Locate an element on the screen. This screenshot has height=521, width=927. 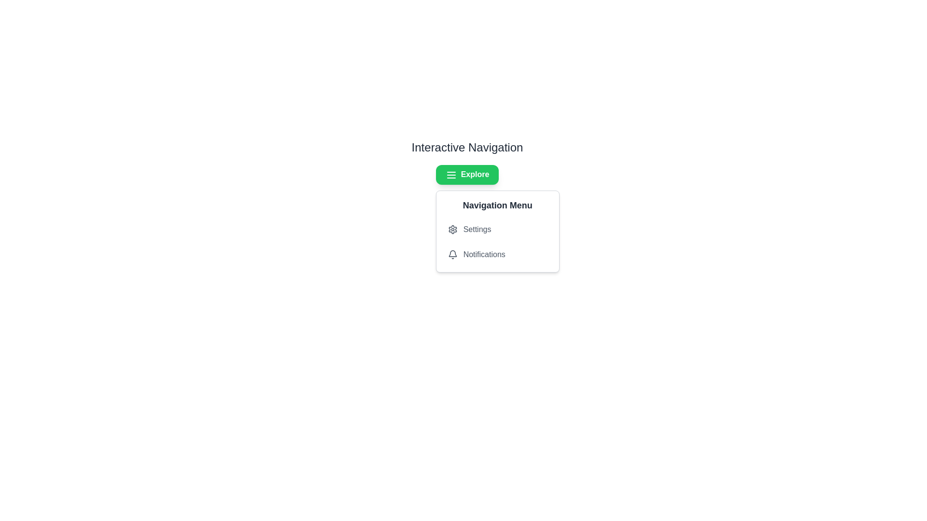
the Label that serves as a heading for the dropdown menu, positioned above the 'Settings' and 'Notifications' items is located at coordinates (497, 205).